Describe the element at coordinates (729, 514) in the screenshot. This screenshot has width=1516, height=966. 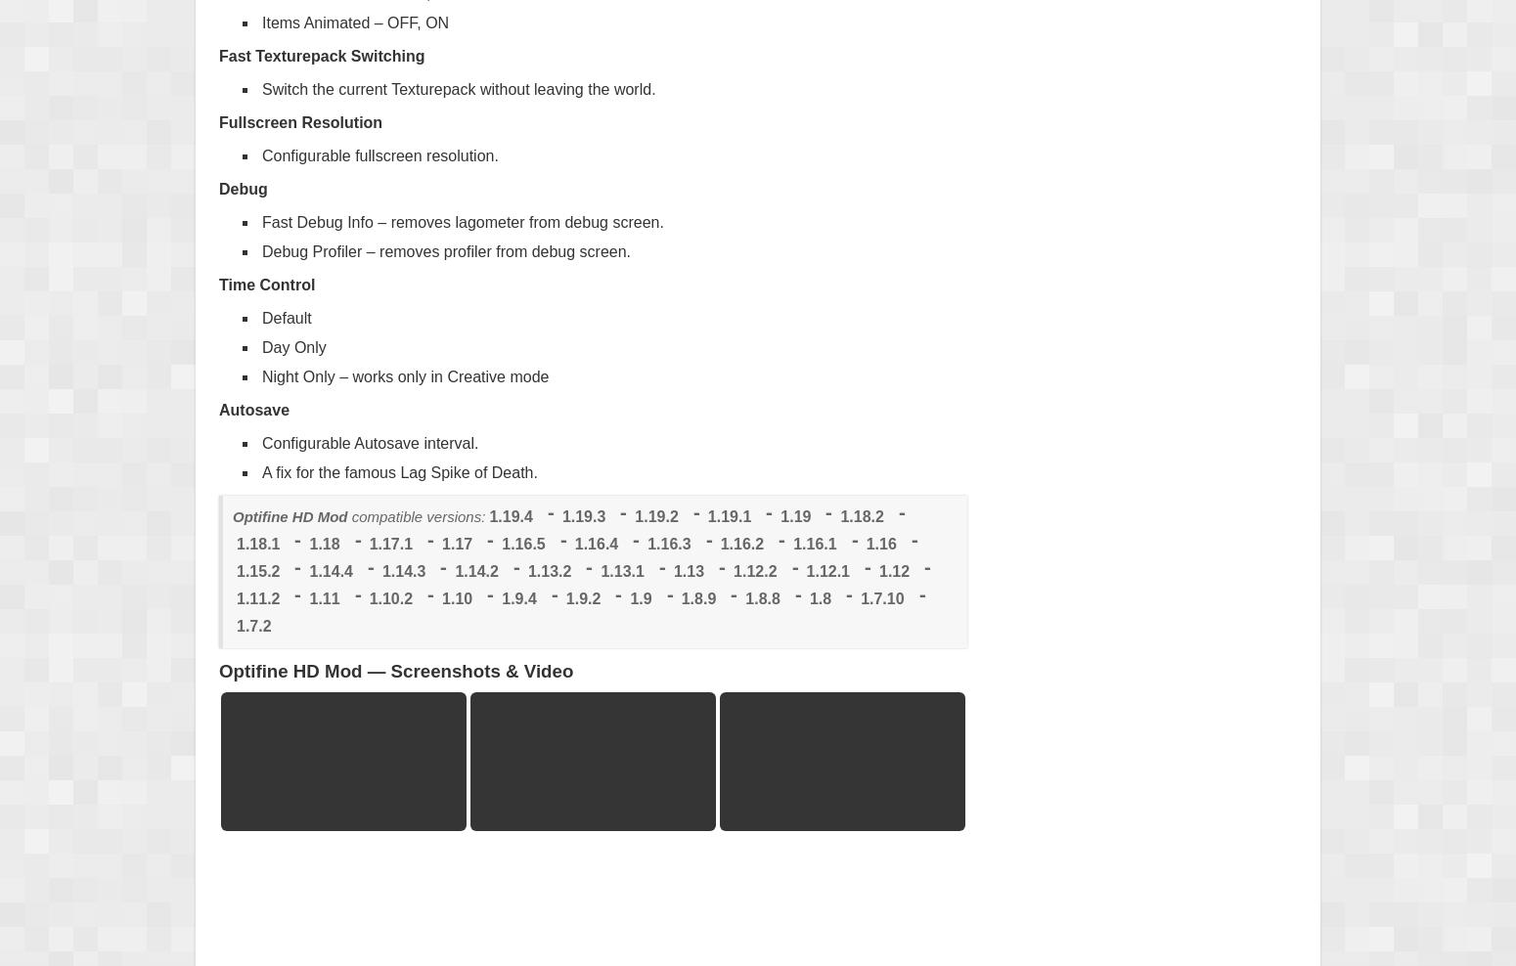
I see `'1.19.1'` at that location.